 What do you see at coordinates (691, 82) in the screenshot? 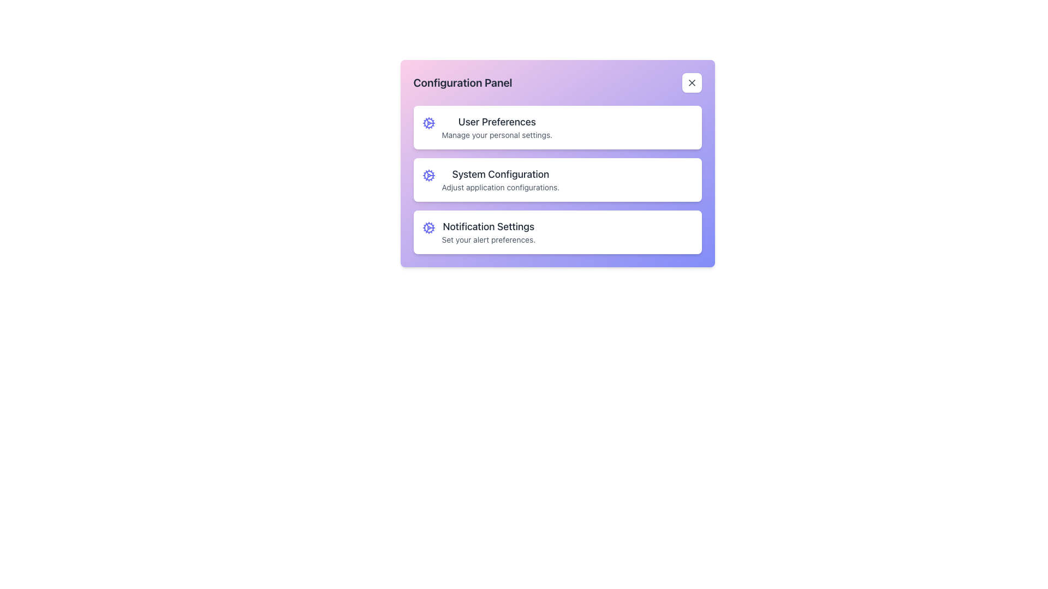
I see `the X-shaped close icon located` at bounding box center [691, 82].